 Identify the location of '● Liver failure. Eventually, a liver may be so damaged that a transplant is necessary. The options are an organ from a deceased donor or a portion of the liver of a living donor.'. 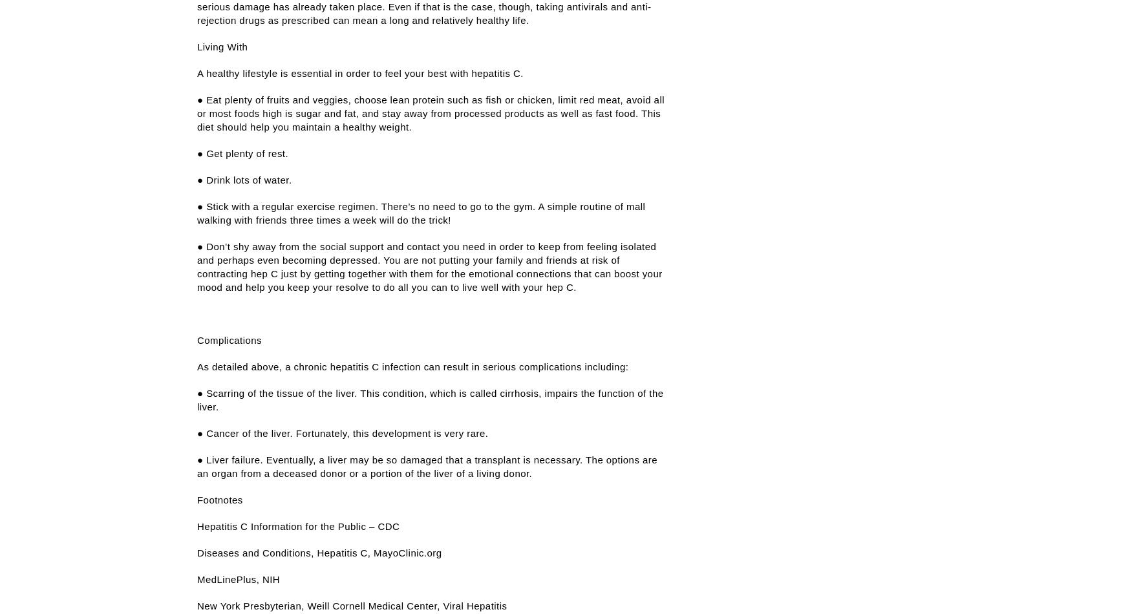
(426, 466).